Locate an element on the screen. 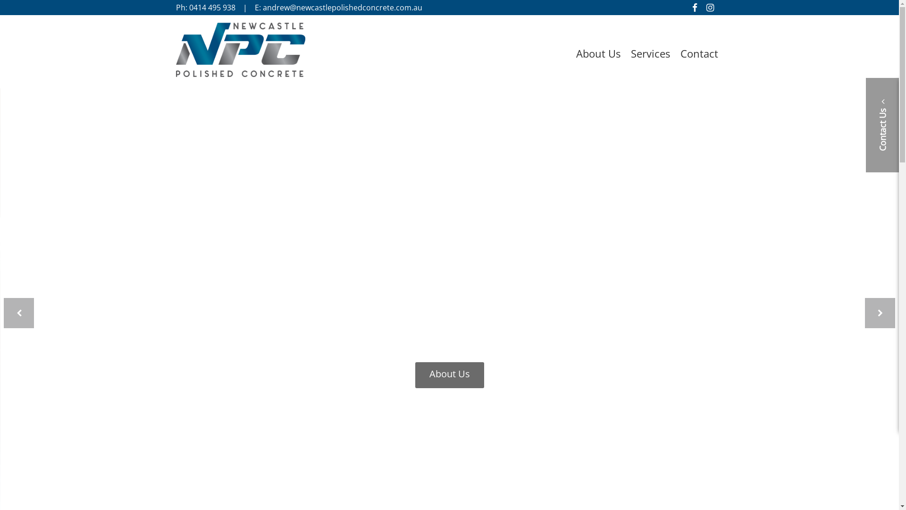 This screenshot has width=906, height=510. 'Services' is located at coordinates (650, 53).